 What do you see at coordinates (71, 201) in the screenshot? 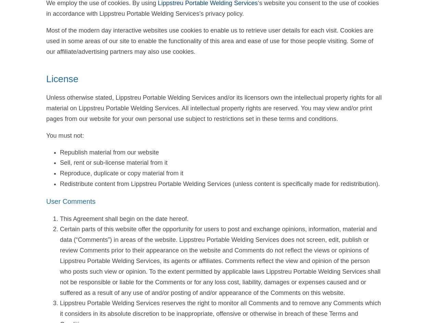
I see `'User Comments'` at bounding box center [71, 201].